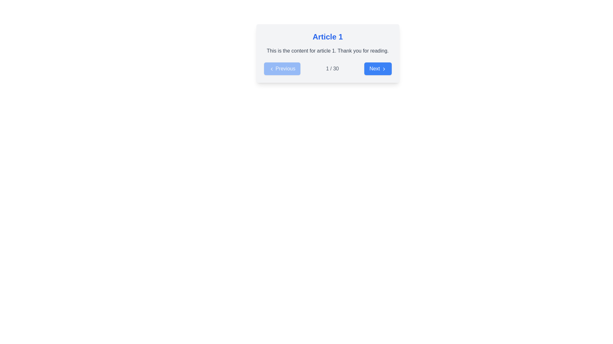 The image size is (613, 344). What do you see at coordinates (328, 37) in the screenshot?
I see `the Text element (header) which serves as the title for the content displayed below it, located above the article content and within a centered card component` at bounding box center [328, 37].